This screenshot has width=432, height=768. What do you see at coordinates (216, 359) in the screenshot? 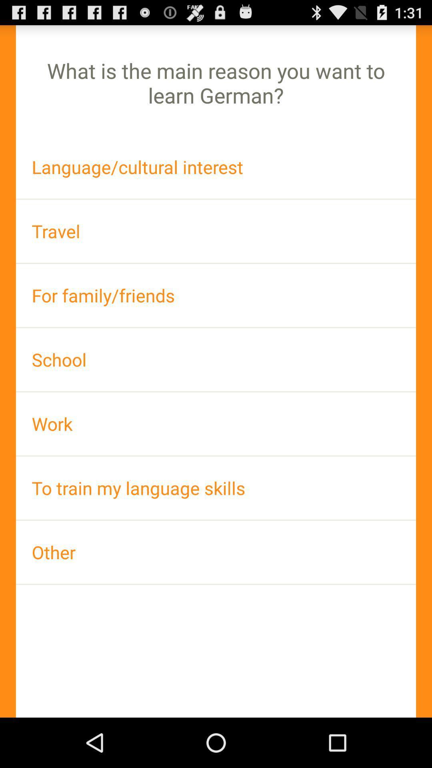
I see `icon above work app` at bounding box center [216, 359].